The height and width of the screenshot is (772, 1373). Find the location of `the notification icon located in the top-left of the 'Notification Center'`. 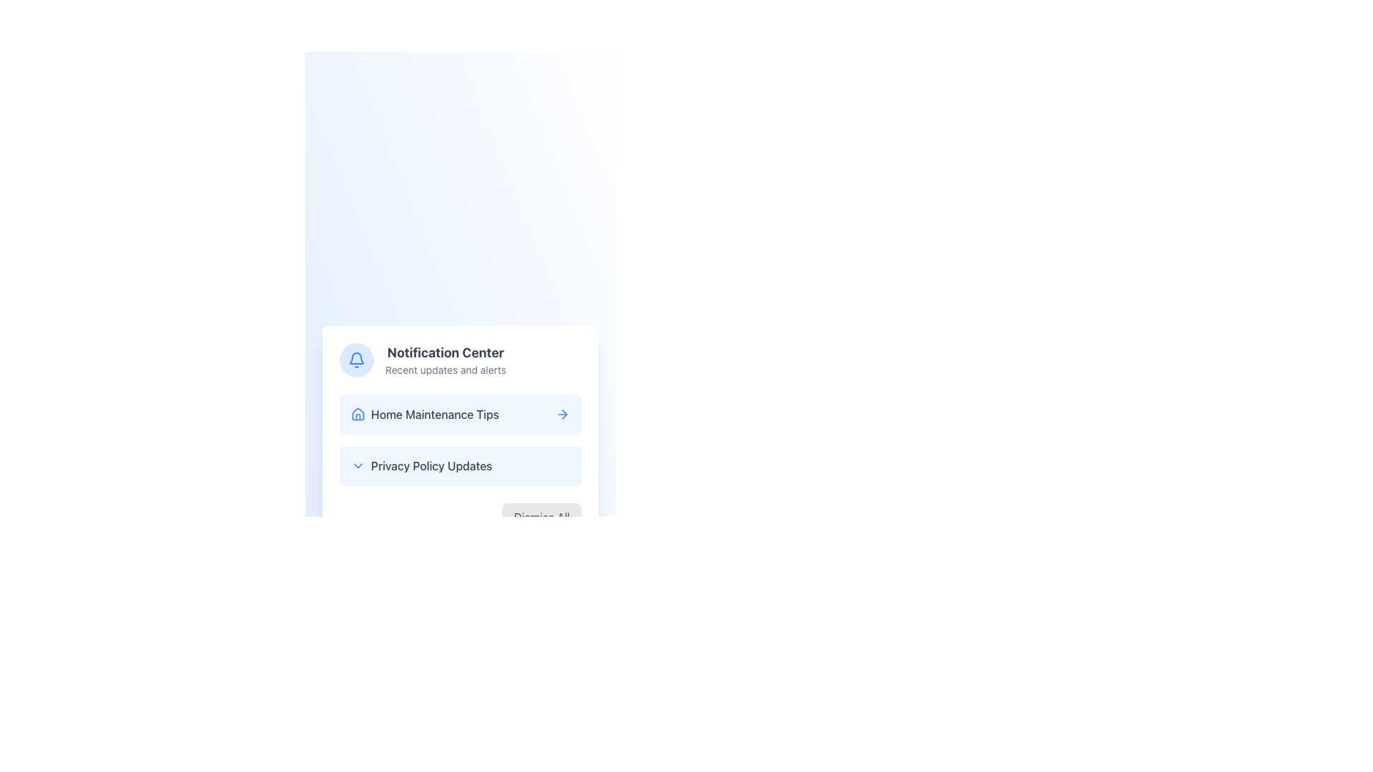

the notification icon located in the top-left of the 'Notification Center' is located at coordinates (357, 360).